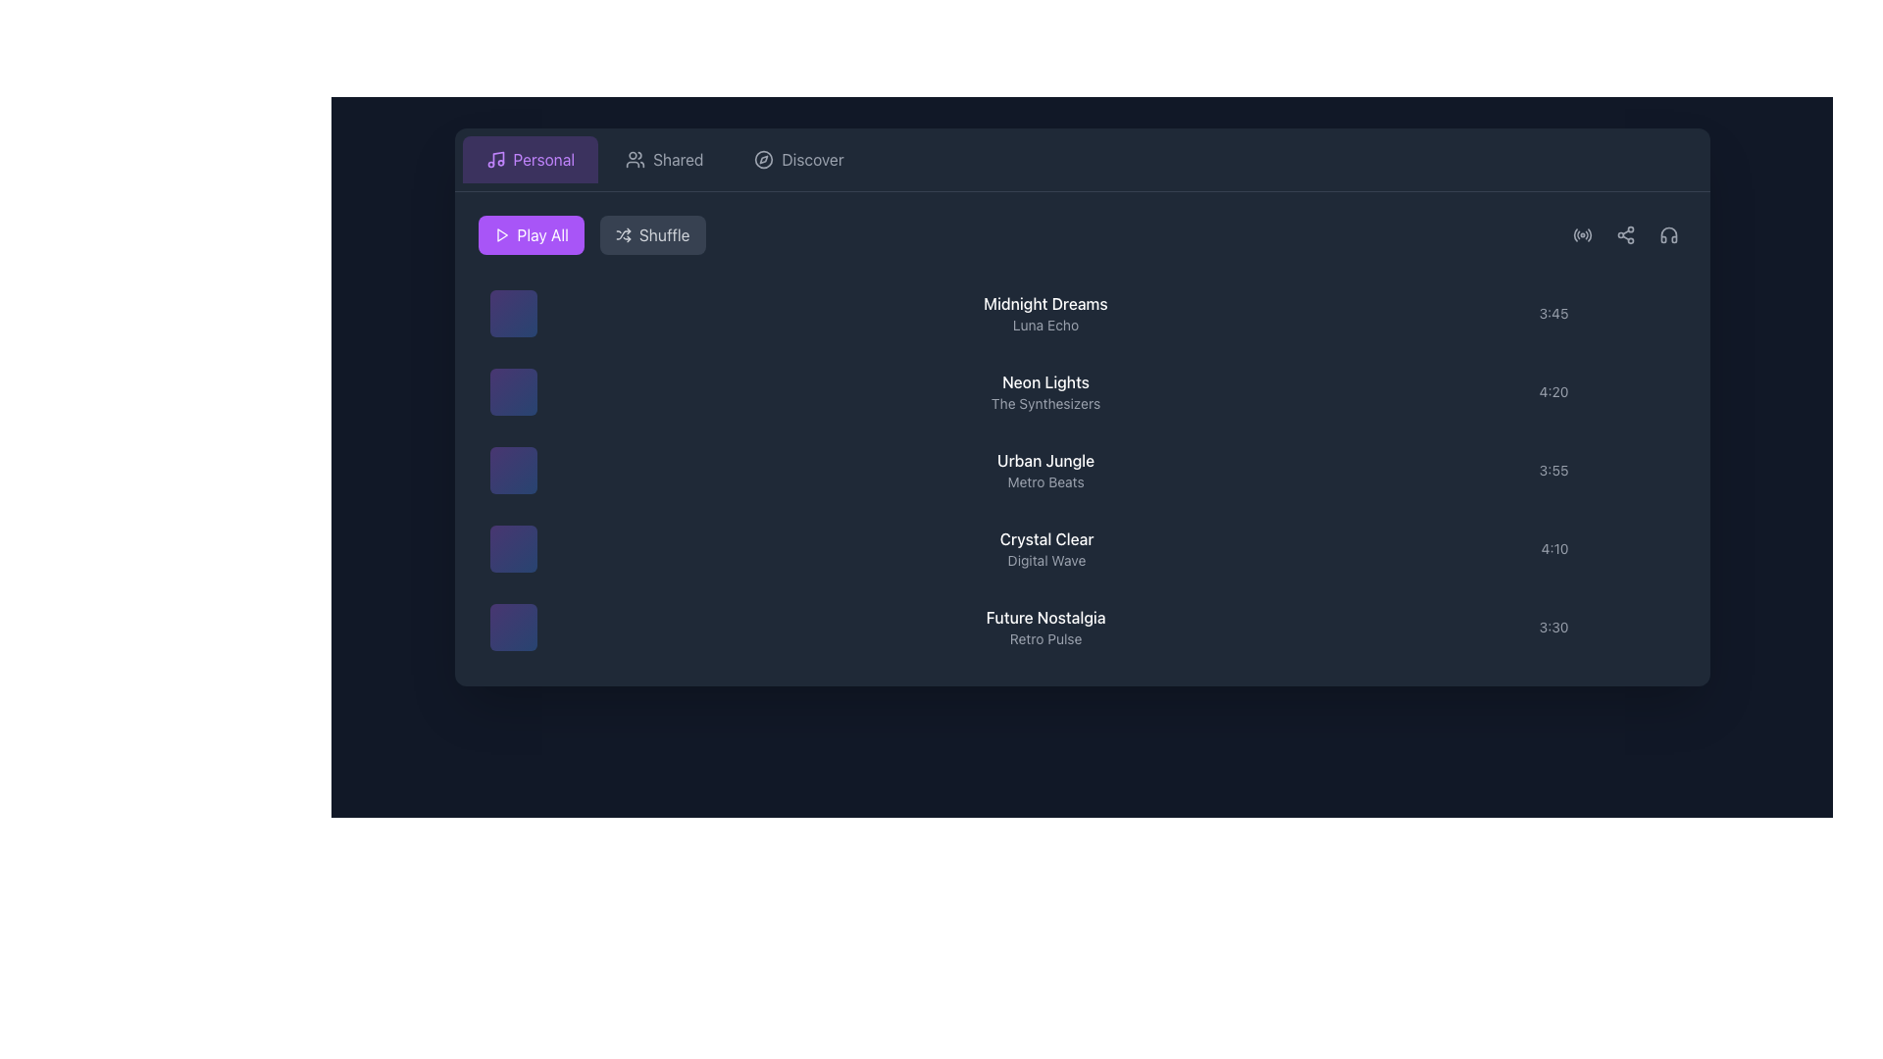 The image size is (1883, 1059). Describe the element at coordinates (1045, 548) in the screenshot. I see `the Text Component that displays the title and subtitle of a media item or playlist entry, positioned as the fourth item in the list between 'Urban Jungle' and 'Future Nostalgia'` at that location.